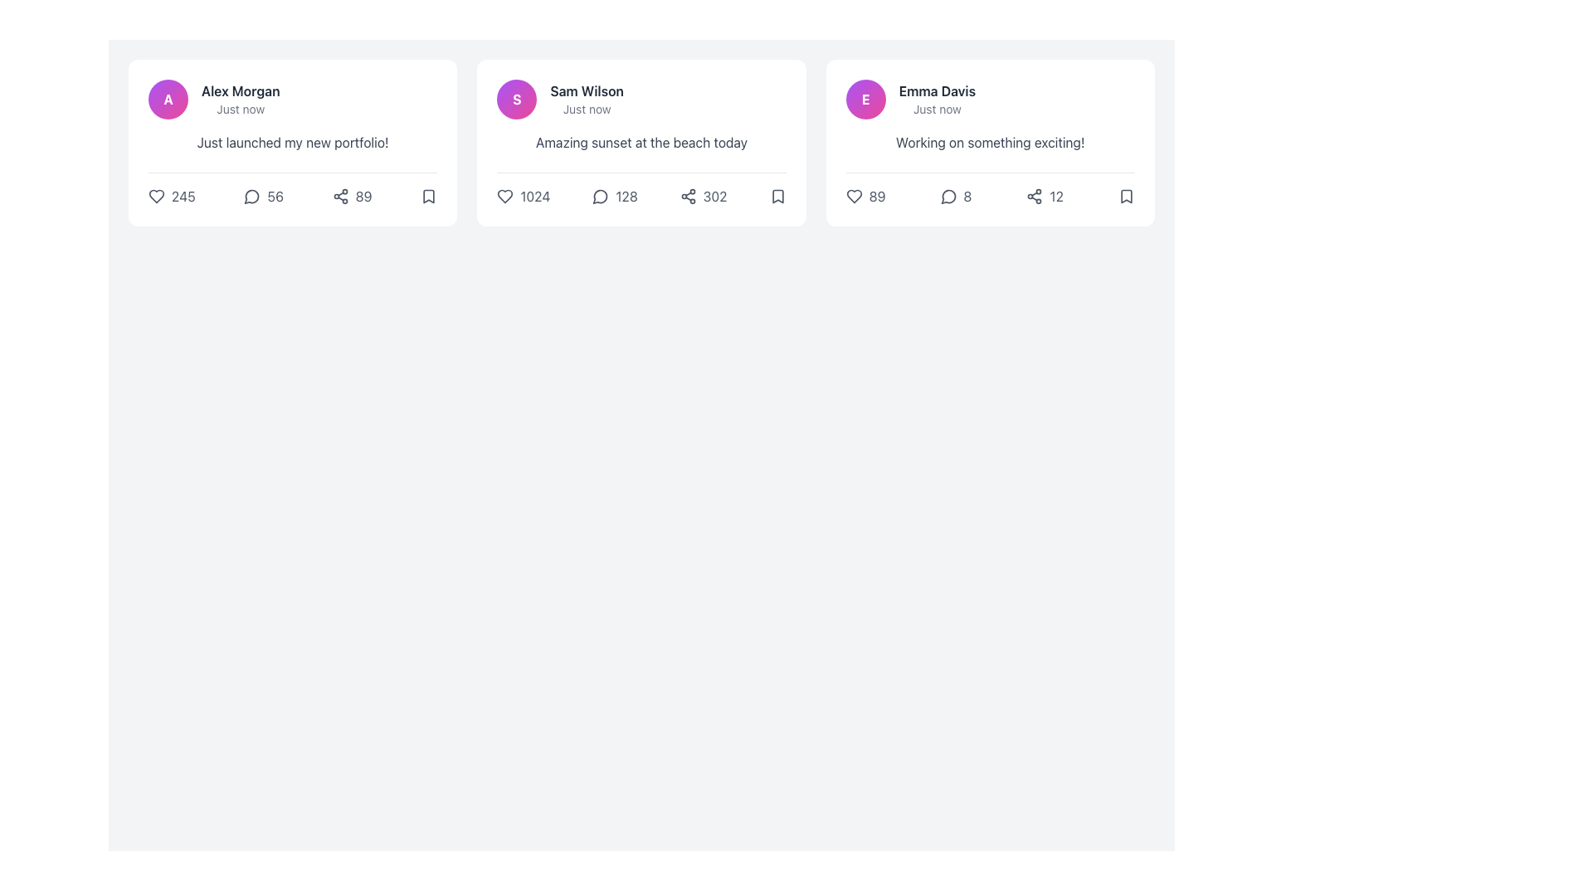 Image resolution: width=1593 pixels, height=896 pixels. I want to click on the heart-shaped icon indicating 'like' or 'favorite' functionality, located in the second card of a three-card layout, so click(504, 195).